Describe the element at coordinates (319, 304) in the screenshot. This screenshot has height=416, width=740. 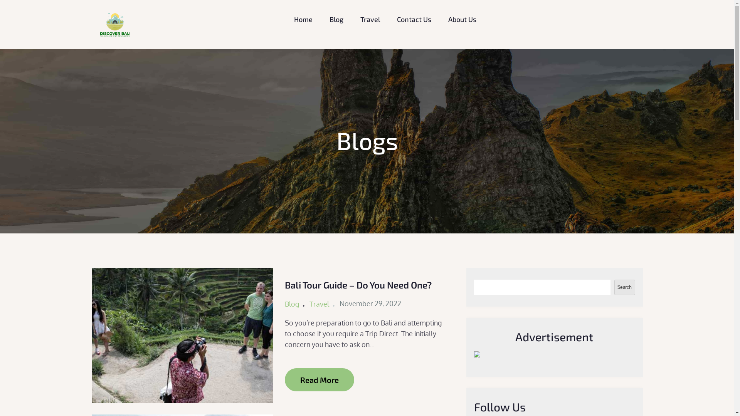
I see `'Travel'` at that location.